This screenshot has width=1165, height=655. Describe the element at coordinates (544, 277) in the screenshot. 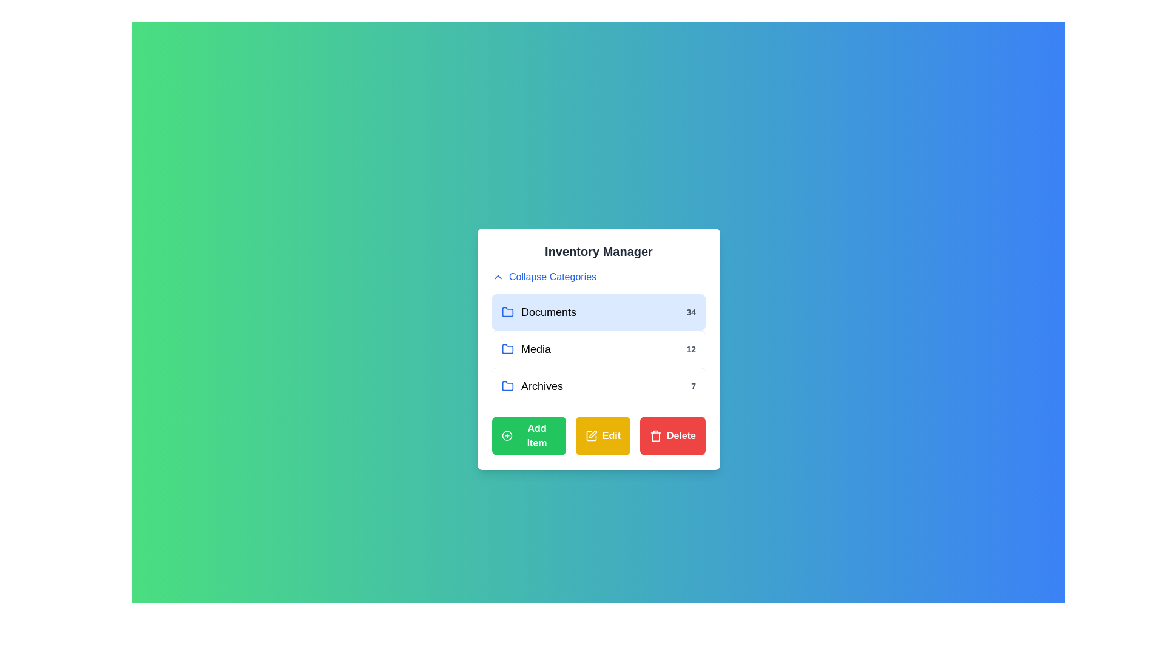

I see `the 'Collapse Categories' button to toggle the visibility of the category list` at that location.